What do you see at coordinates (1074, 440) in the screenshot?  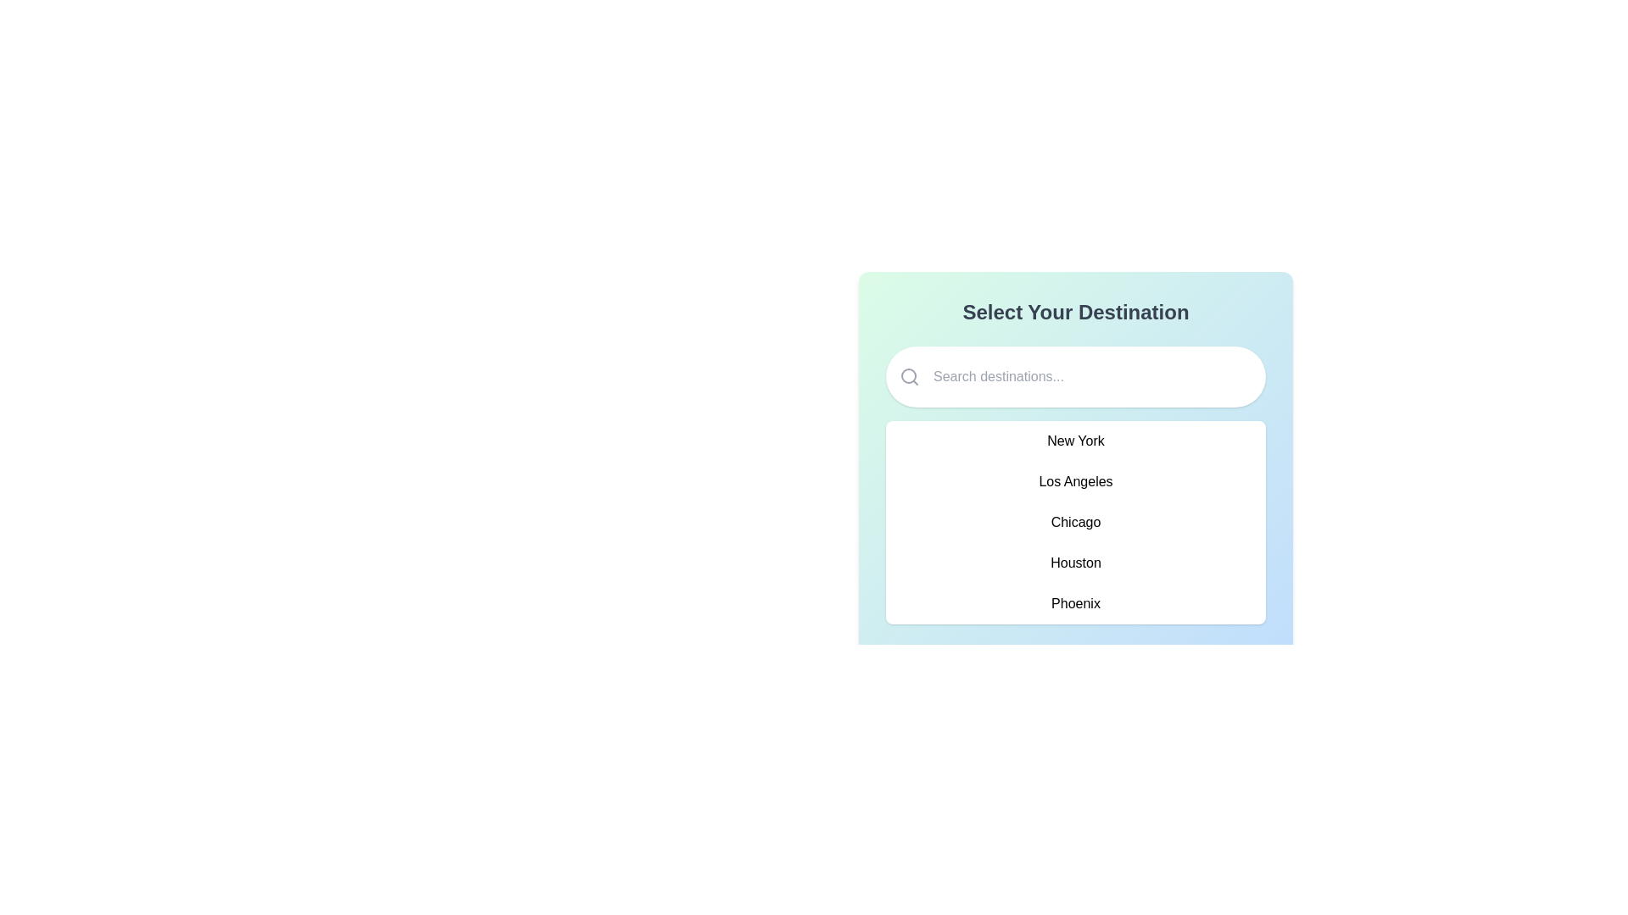 I see `the list item representing 'New York'` at bounding box center [1074, 440].